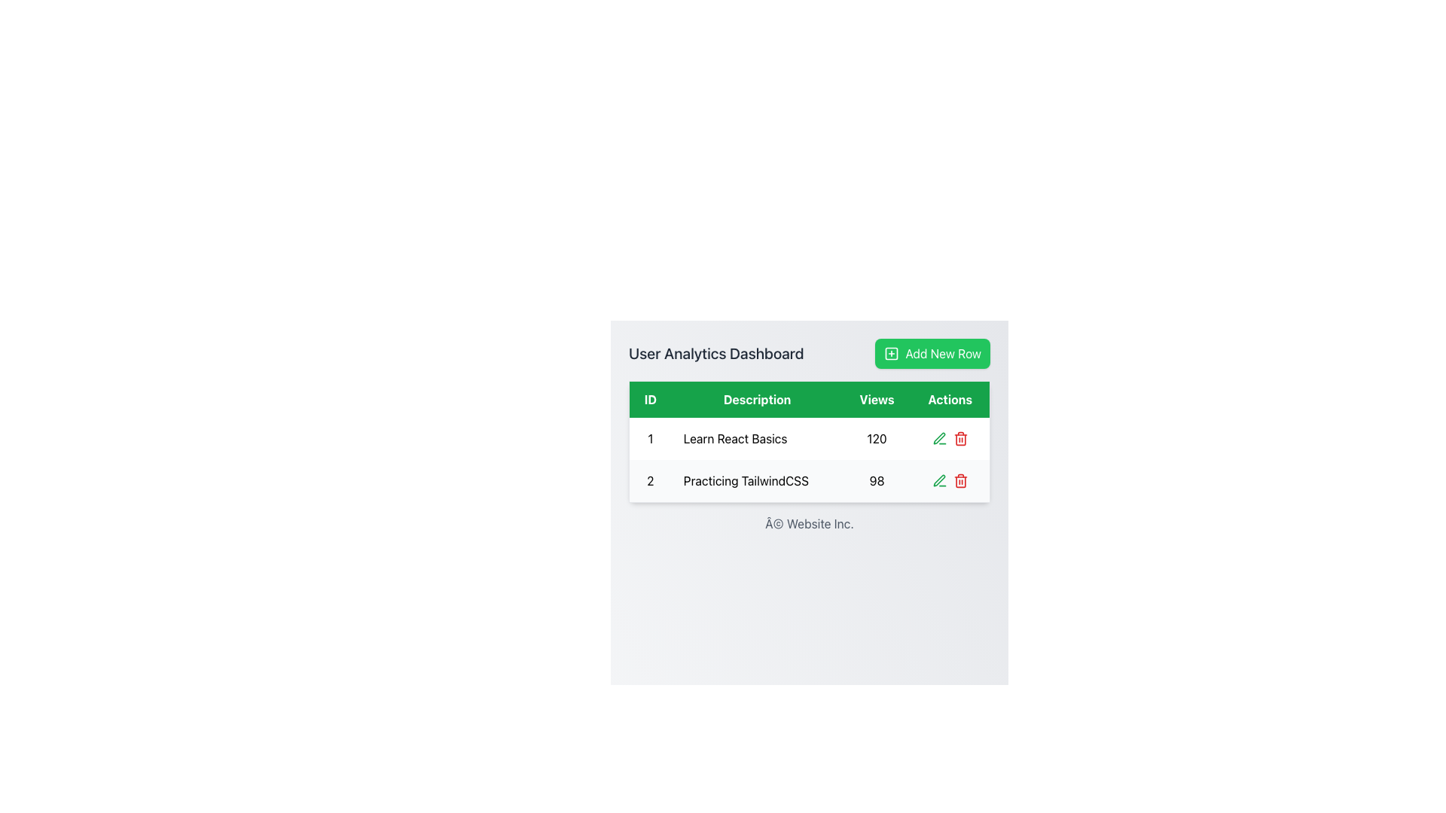  I want to click on the button located in the header section of the 'User Analytics Dashboard', so click(932, 354).